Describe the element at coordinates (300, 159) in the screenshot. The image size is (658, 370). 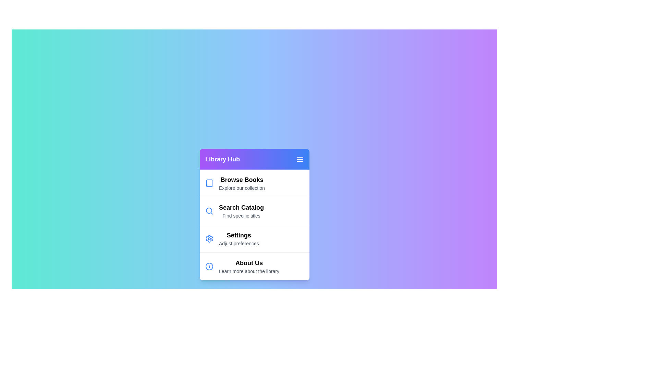
I see `the menu button to toggle the menu visibility` at that location.